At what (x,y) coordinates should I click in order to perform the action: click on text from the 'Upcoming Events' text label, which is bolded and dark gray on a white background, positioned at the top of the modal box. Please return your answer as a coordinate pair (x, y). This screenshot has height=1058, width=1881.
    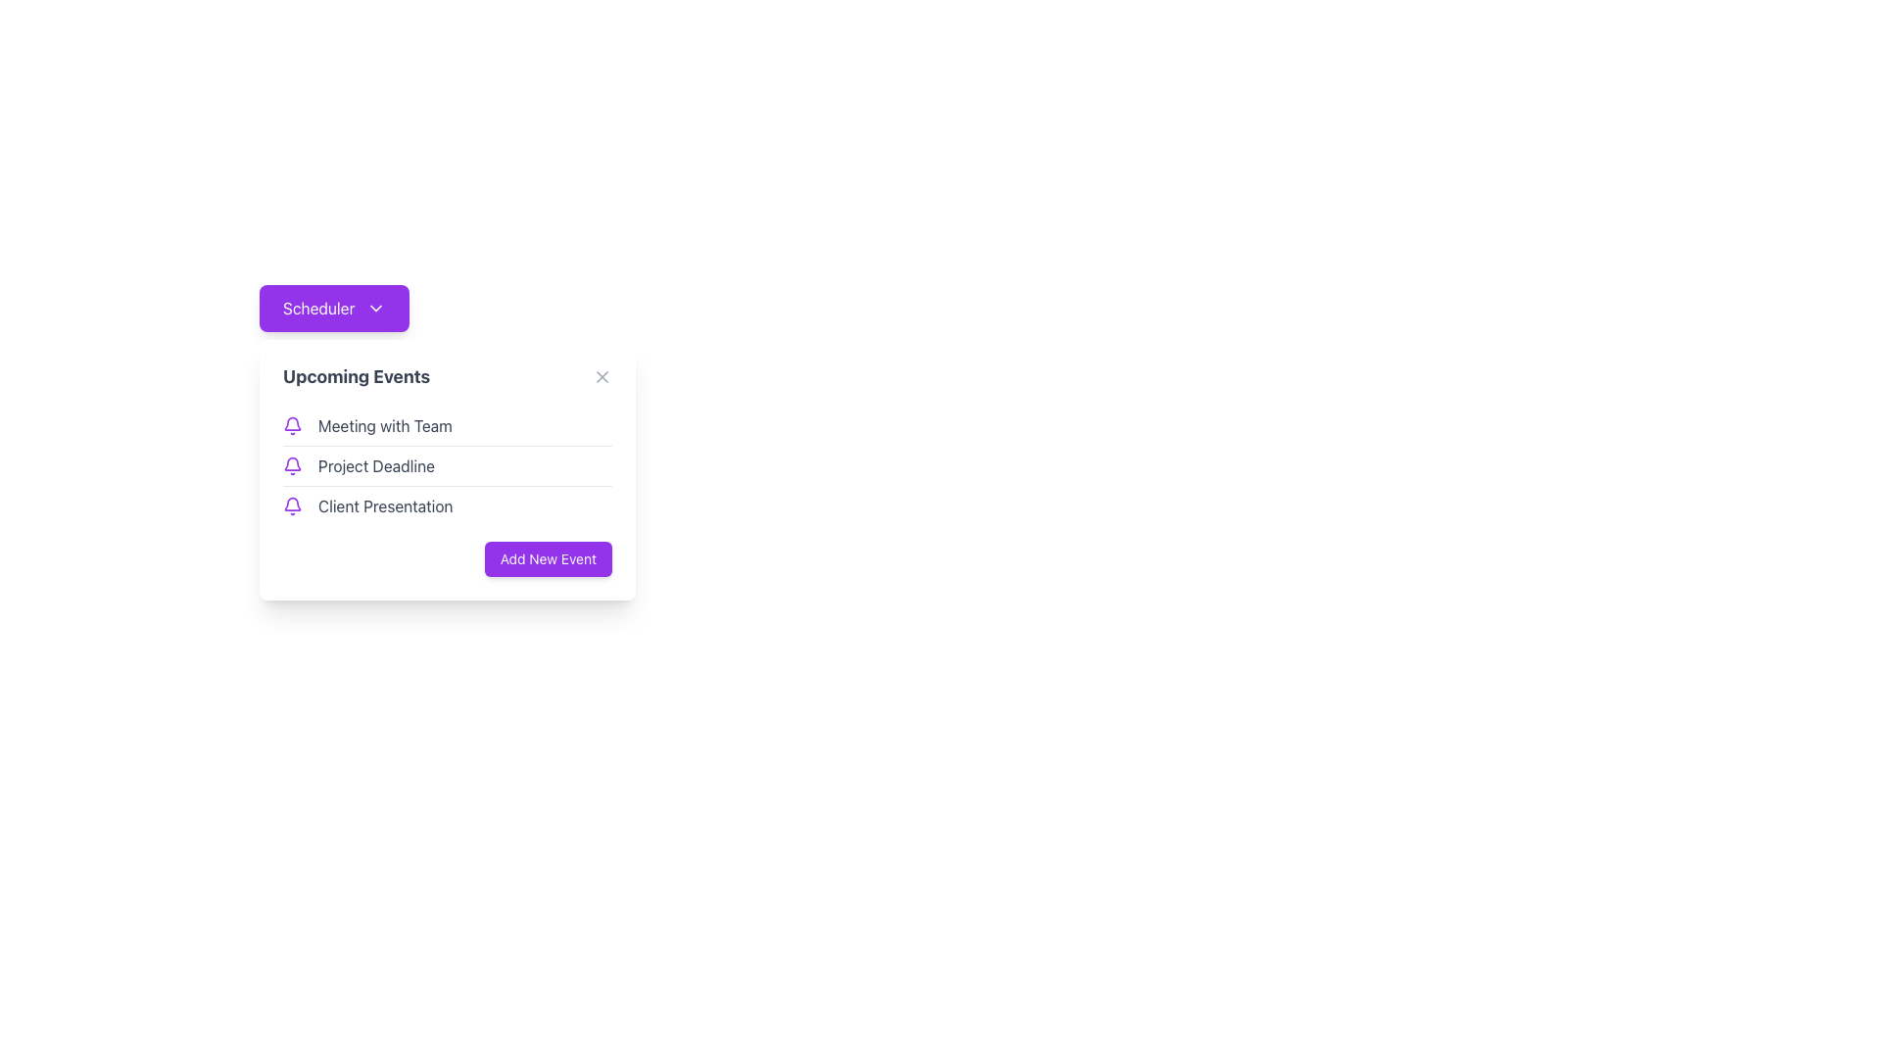
    Looking at the image, I should click on (357, 377).